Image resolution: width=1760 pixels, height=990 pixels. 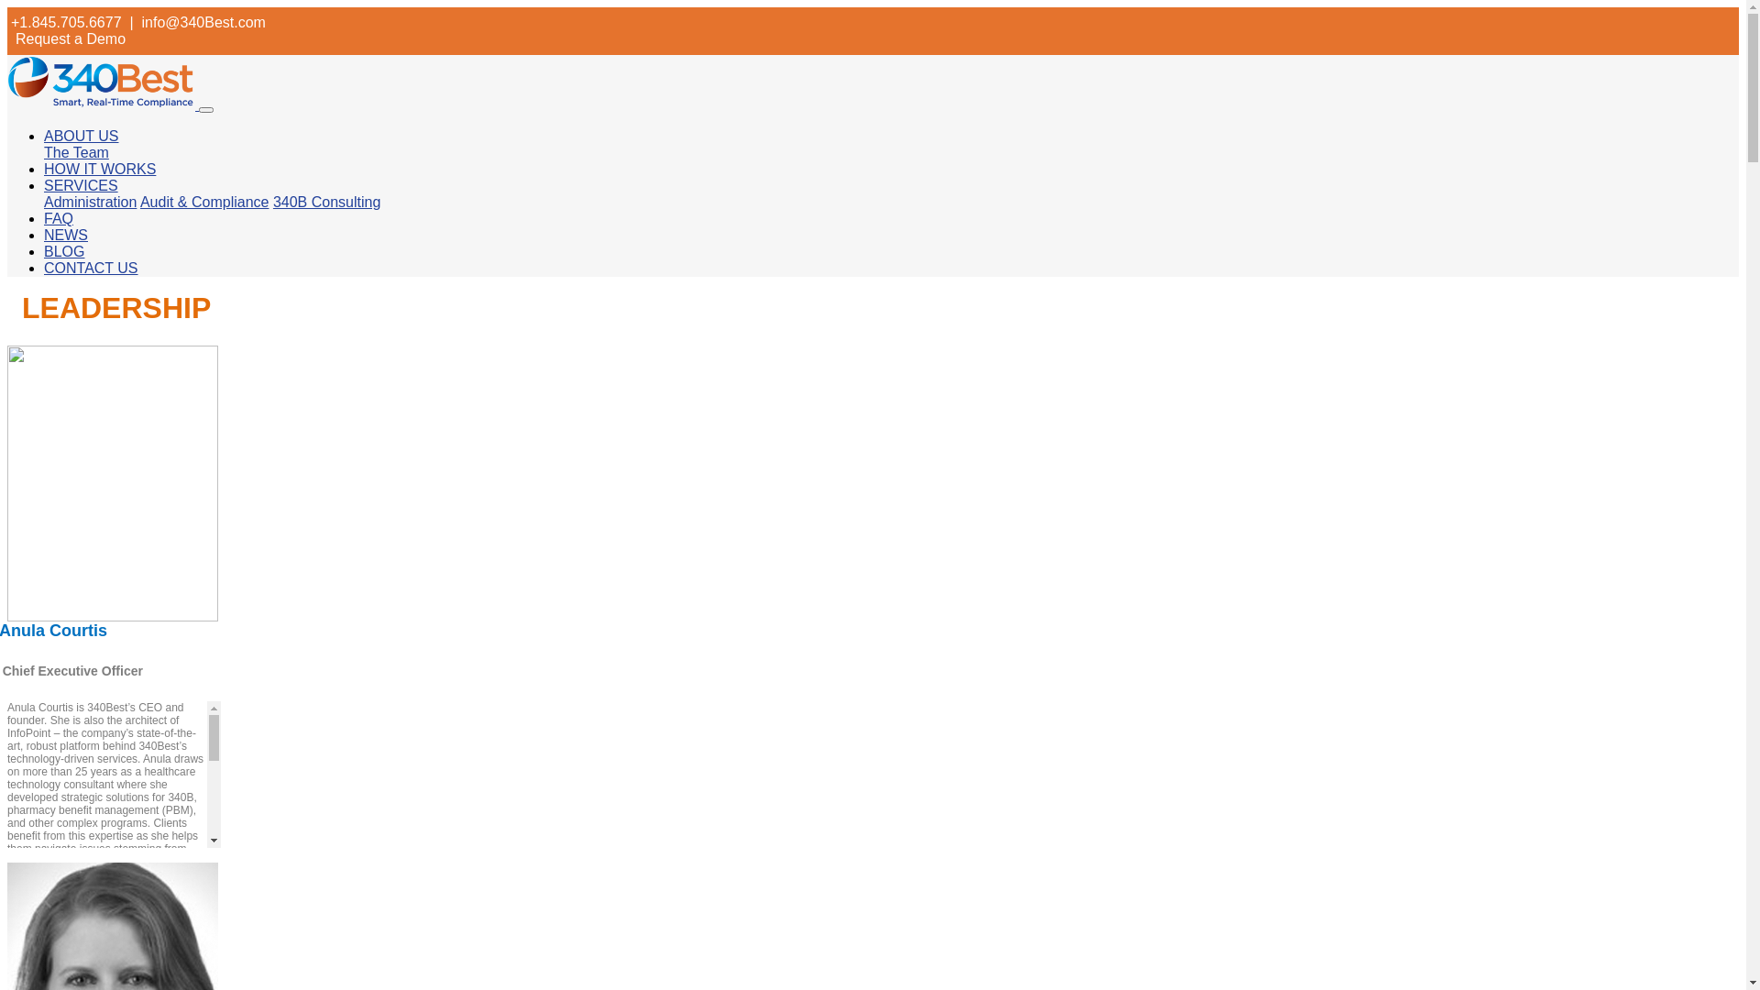 I want to click on 'CONTACT US', so click(x=90, y=268).